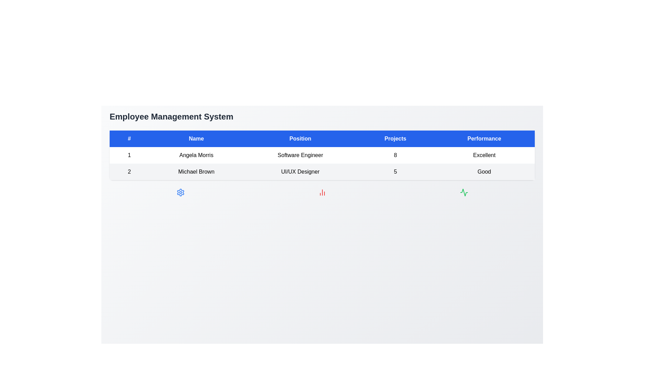  Describe the element at coordinates (322, 155) in the screenshot. I see `the first row of the data table containing 'Angela Morris', 'Software Engineer', '8', and 'Excellent'` at that location.